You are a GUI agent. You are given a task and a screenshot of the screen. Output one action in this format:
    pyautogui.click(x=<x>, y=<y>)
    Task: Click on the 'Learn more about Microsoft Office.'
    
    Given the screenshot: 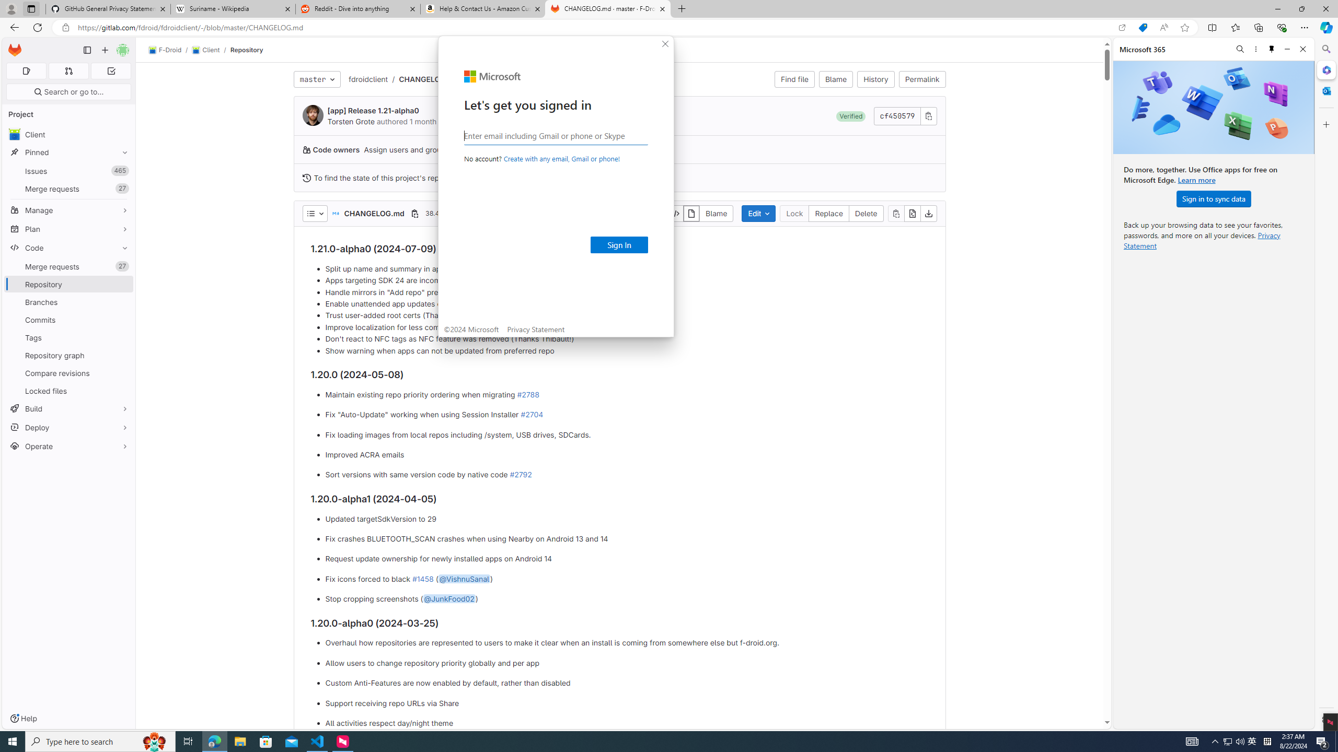 What is the action you would take?
    pyautogui.click(x=1196, y=180)
    